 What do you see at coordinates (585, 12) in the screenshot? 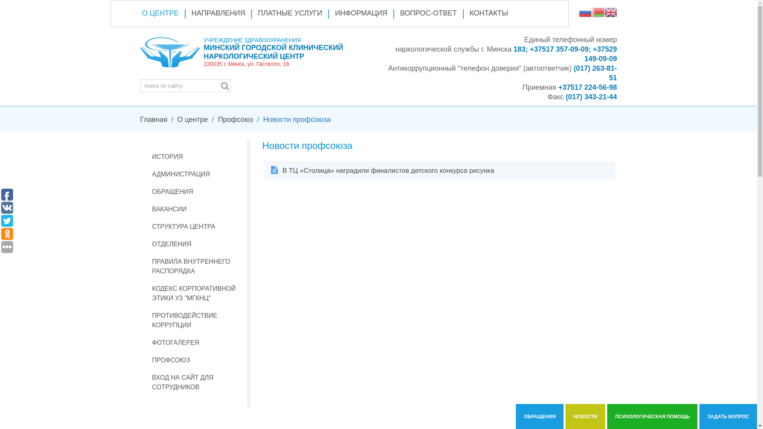
I see `'Russian'` at bounding box center [585, 12].